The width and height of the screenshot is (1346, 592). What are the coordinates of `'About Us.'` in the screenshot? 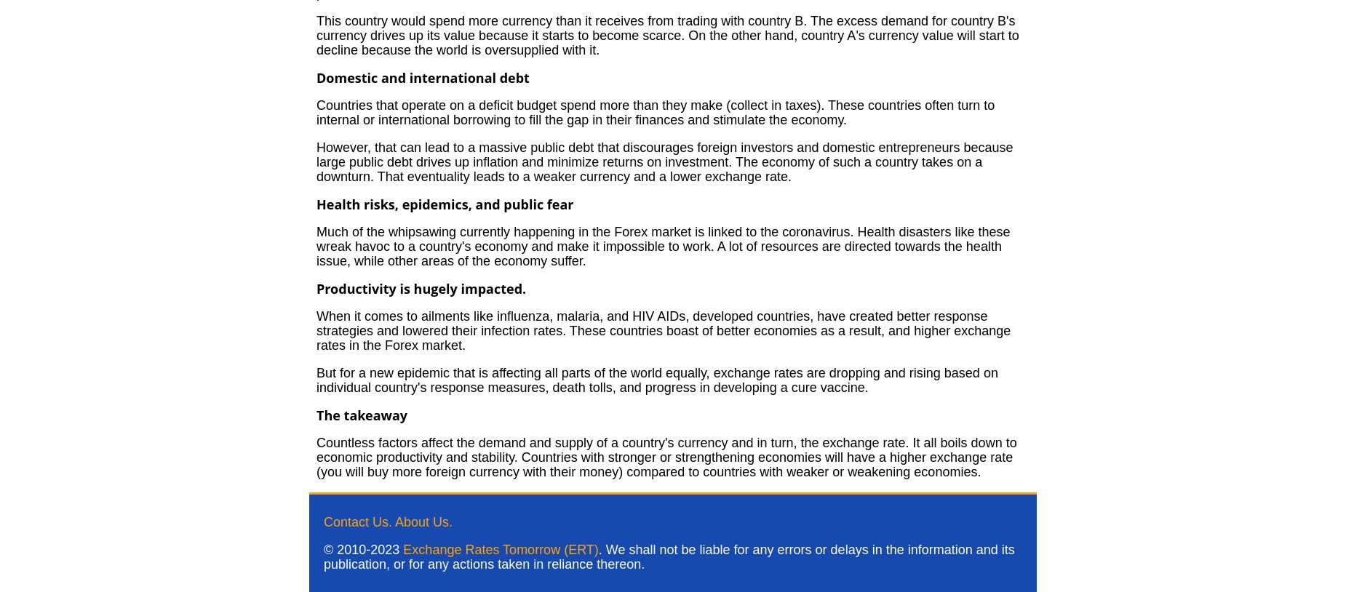 It's located at (423, 522).